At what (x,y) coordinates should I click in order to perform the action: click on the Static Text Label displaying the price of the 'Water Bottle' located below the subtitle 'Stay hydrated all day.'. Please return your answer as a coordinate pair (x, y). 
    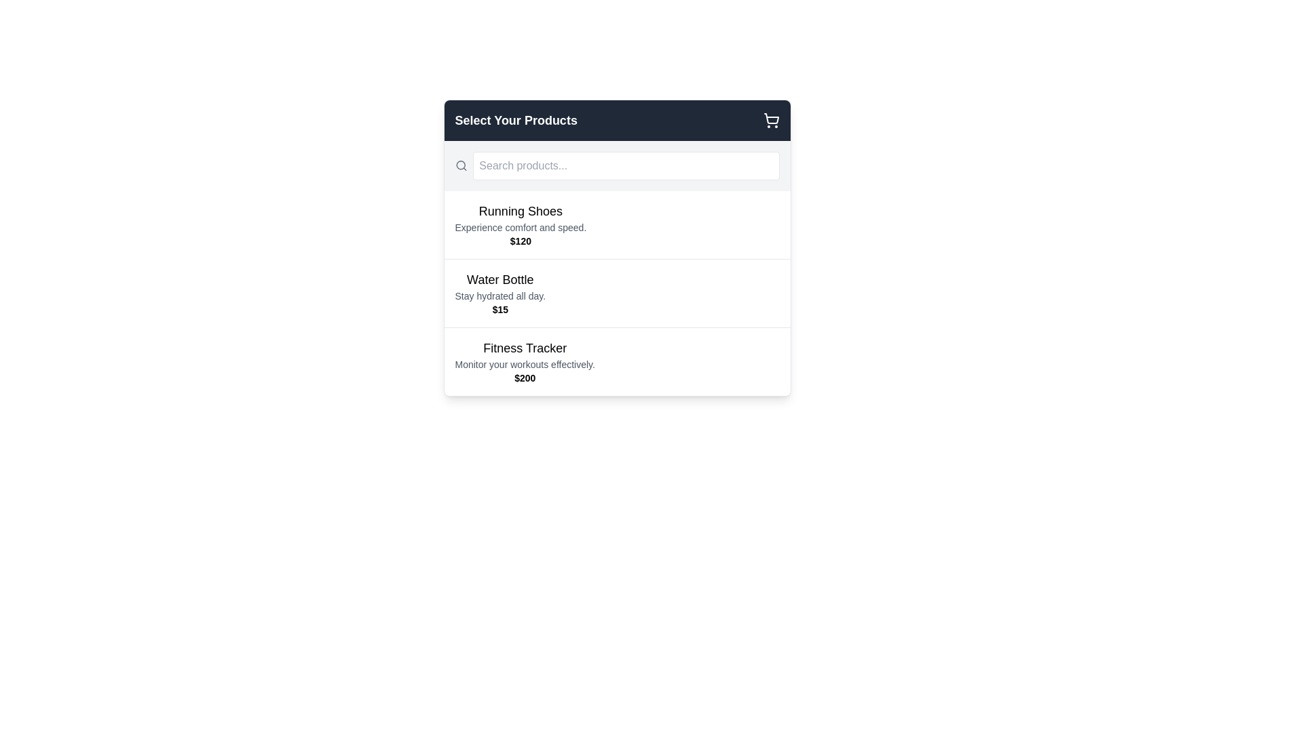
    Looking at the image, I should click on (499, 309).